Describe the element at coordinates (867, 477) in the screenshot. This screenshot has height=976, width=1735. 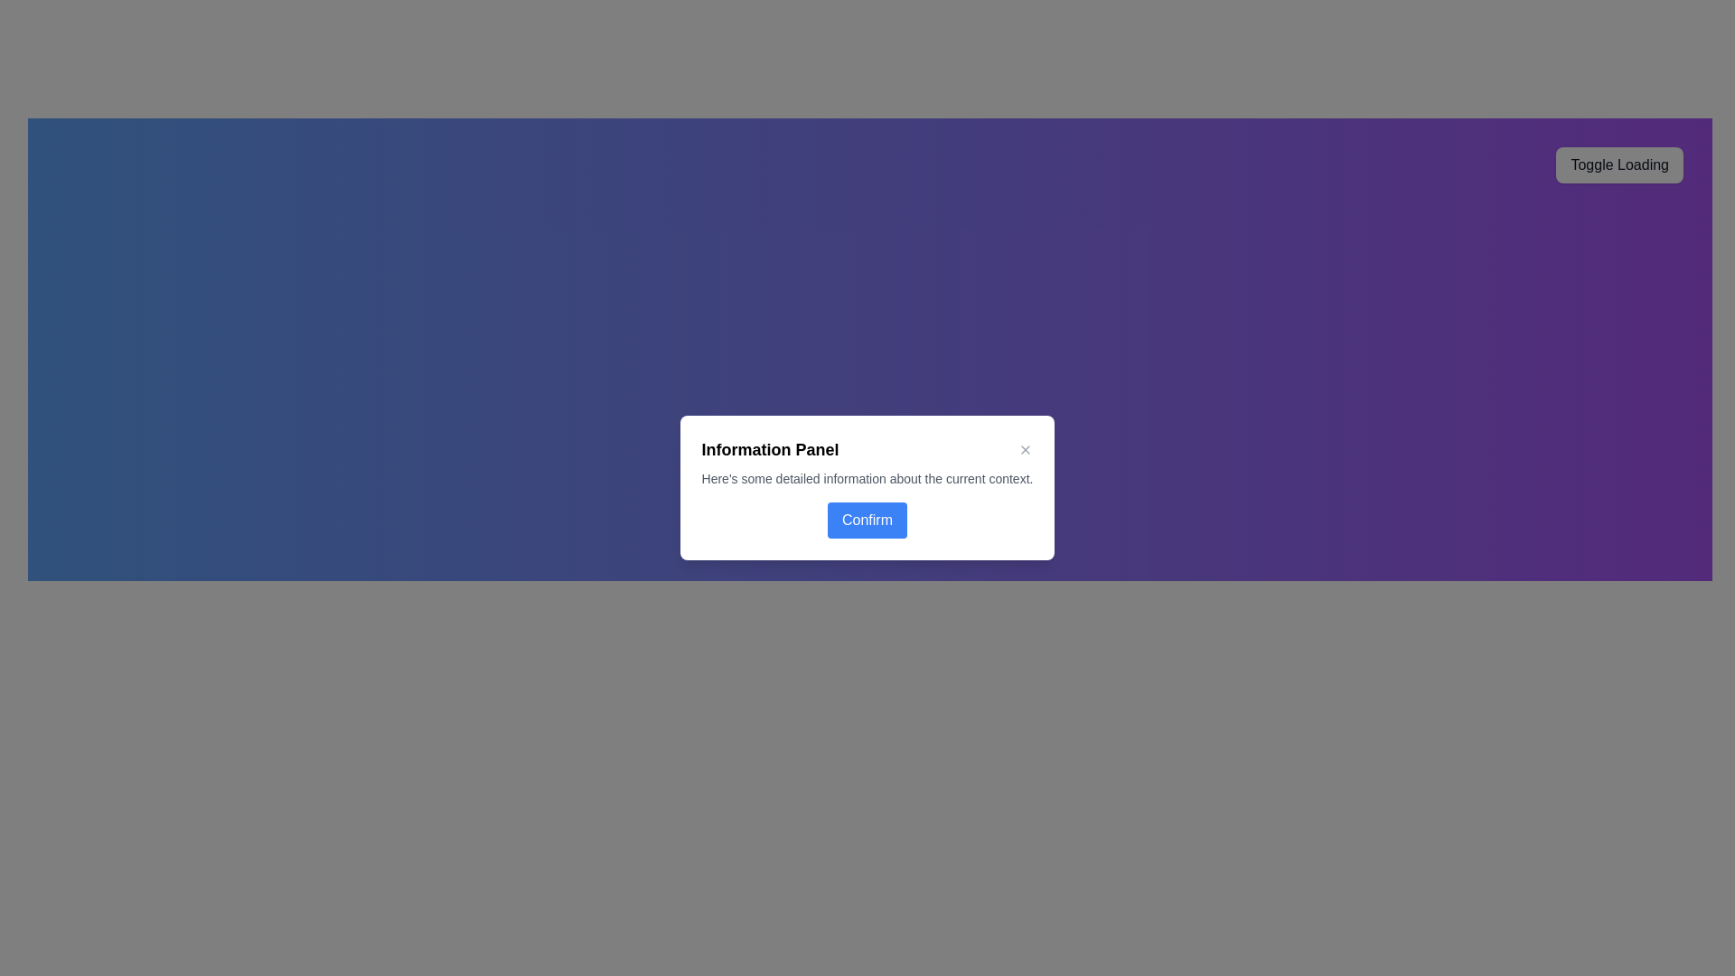
I see `the static informational text located directly below the heading 'Information Panel' and above the 'Confirm' button` at that location.